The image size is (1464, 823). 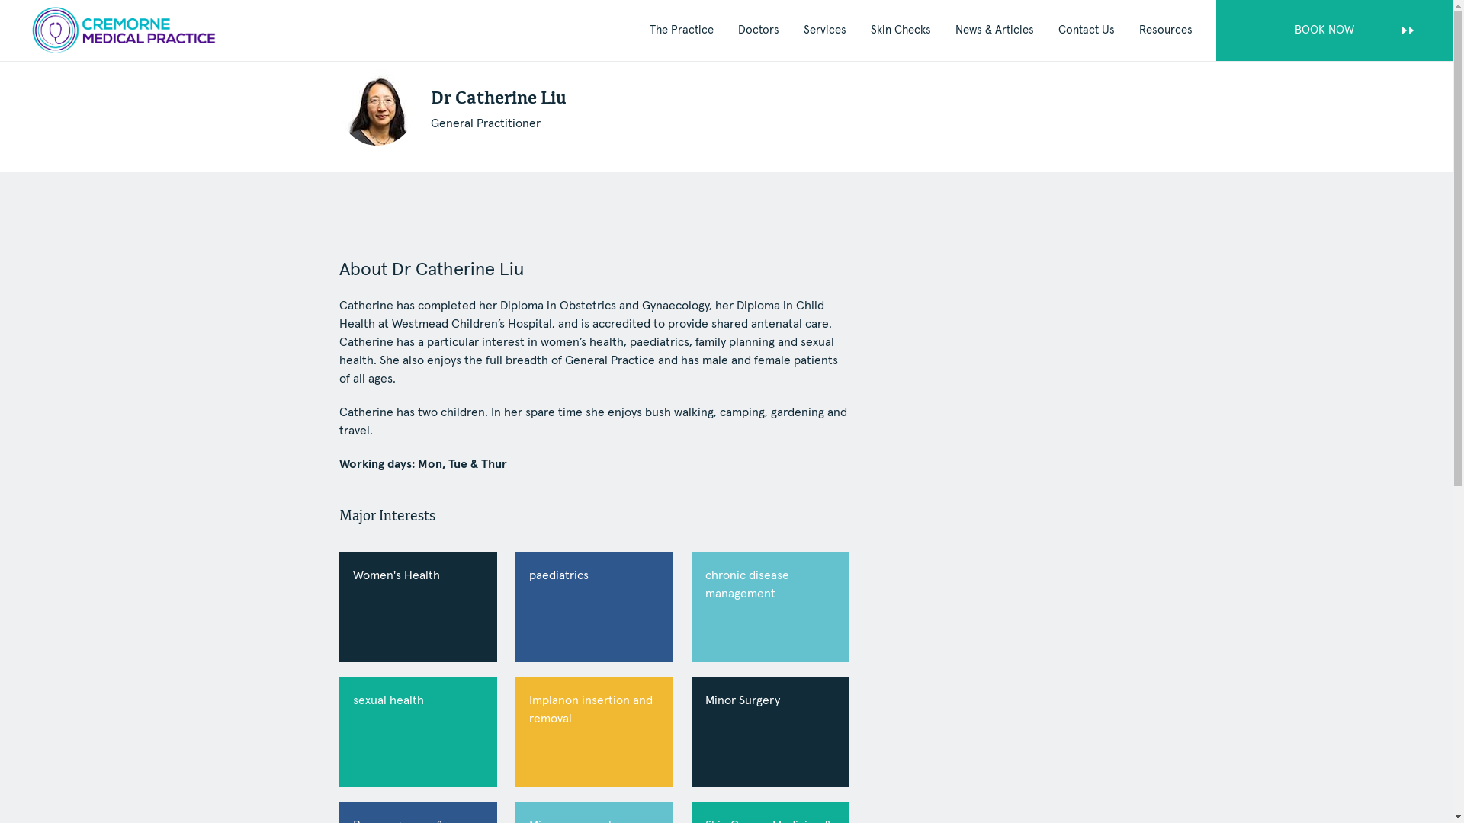 I want to click on 'Doctors', so click(x=758, y=30).